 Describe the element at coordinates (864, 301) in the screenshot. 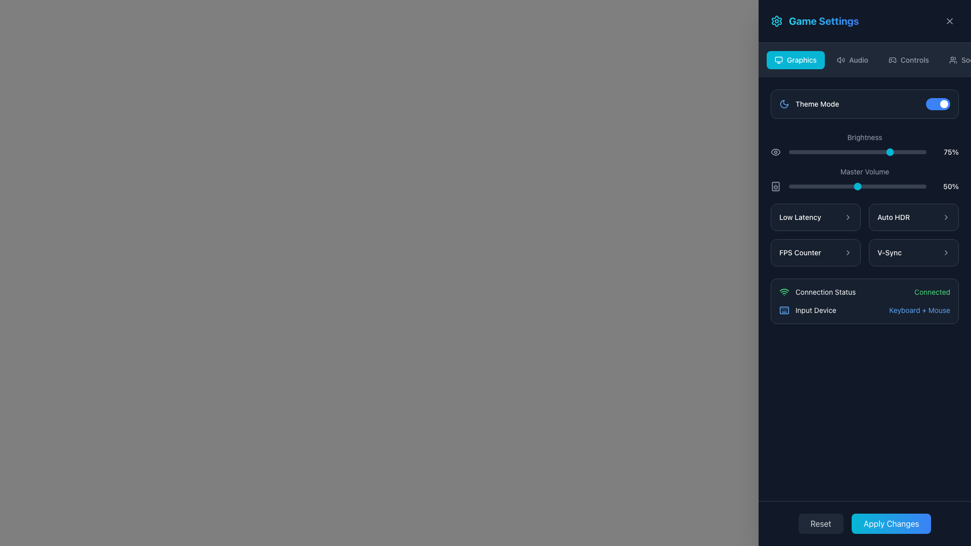

I see `the Information display panel that shows 'Connection Status' with 'Connected' and 'Input Device' with 'Keyboard + Mouse' at the bottom of the settings menu` at that location.